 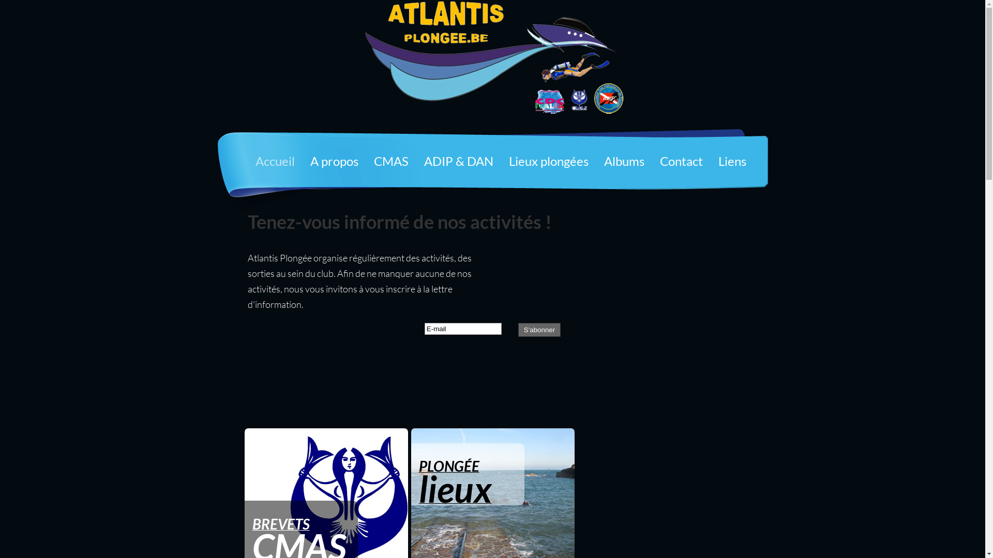 I want to click on 'S'abonner', so click(x=538, y=330).